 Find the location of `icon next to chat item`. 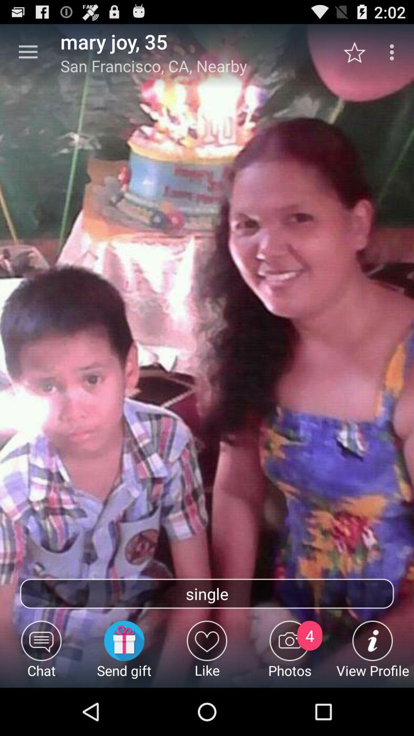

icon next to chat item is located at coordinates (124, 654).